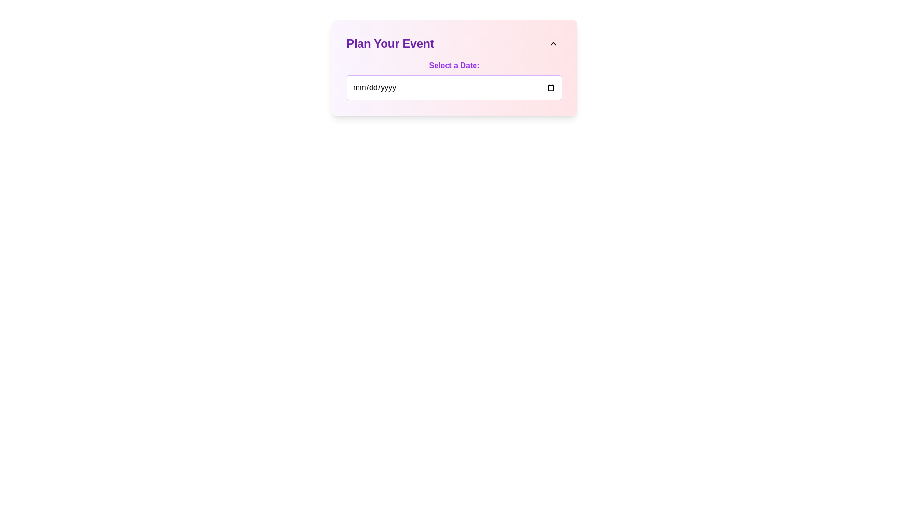 The height and width of the screenshot is (519, 924). What do you see at coordinates (454, 87) in the screenshot?
I see `the date input field styled with a light border and rounded edges, located below 'Select a Date:' in the 'Plan Your Event' section` at bounding box center [454, 87].